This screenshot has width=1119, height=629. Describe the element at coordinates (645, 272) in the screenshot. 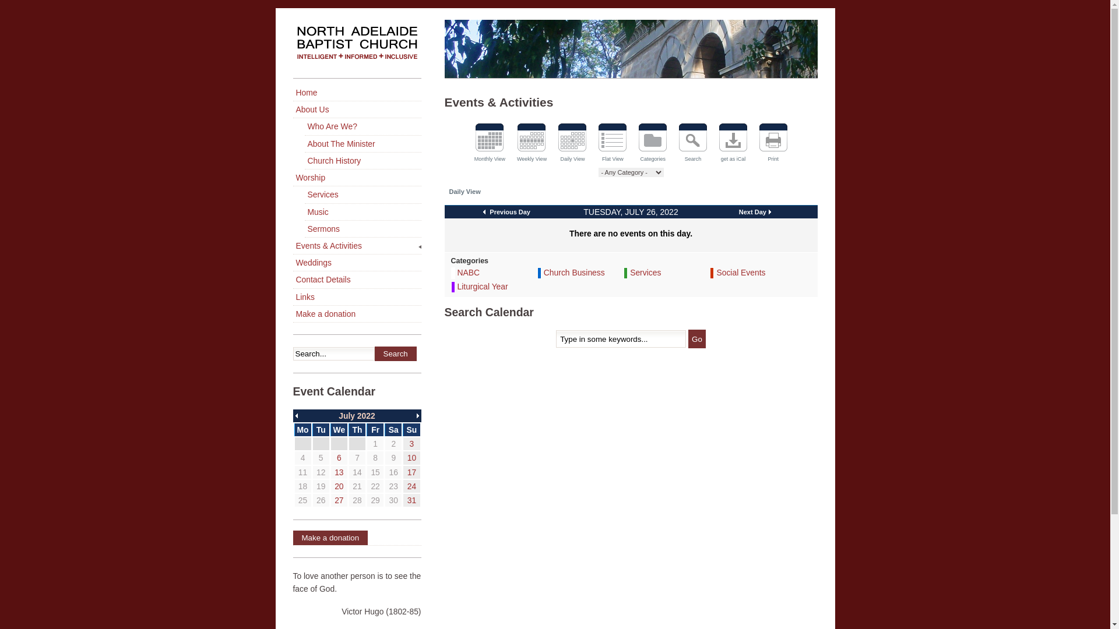

I see `'Services'` at that location.